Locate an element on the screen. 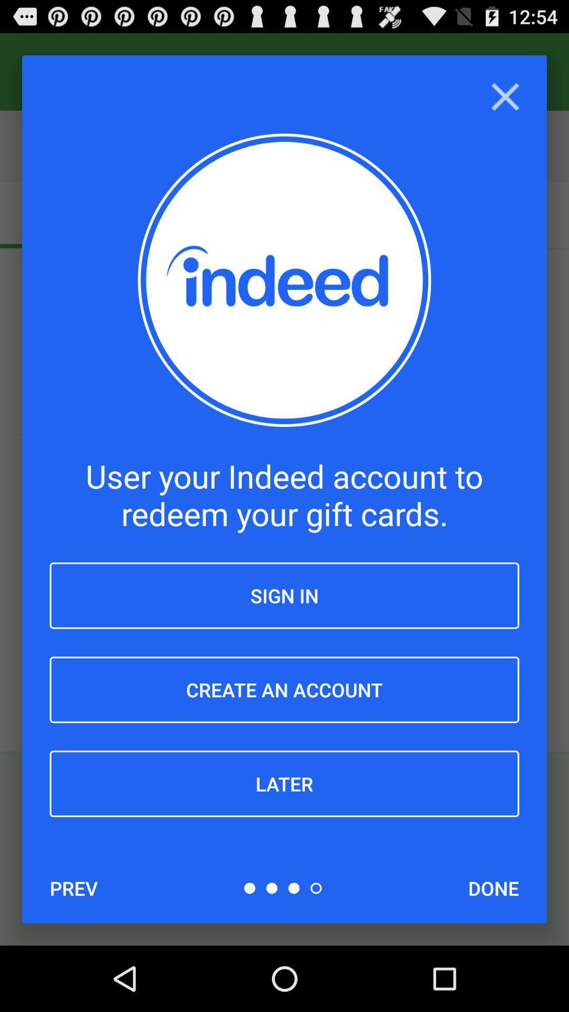 Image resolution: width=569 pixels, height=1012 pixels. close is located at coordinates (505, 96).